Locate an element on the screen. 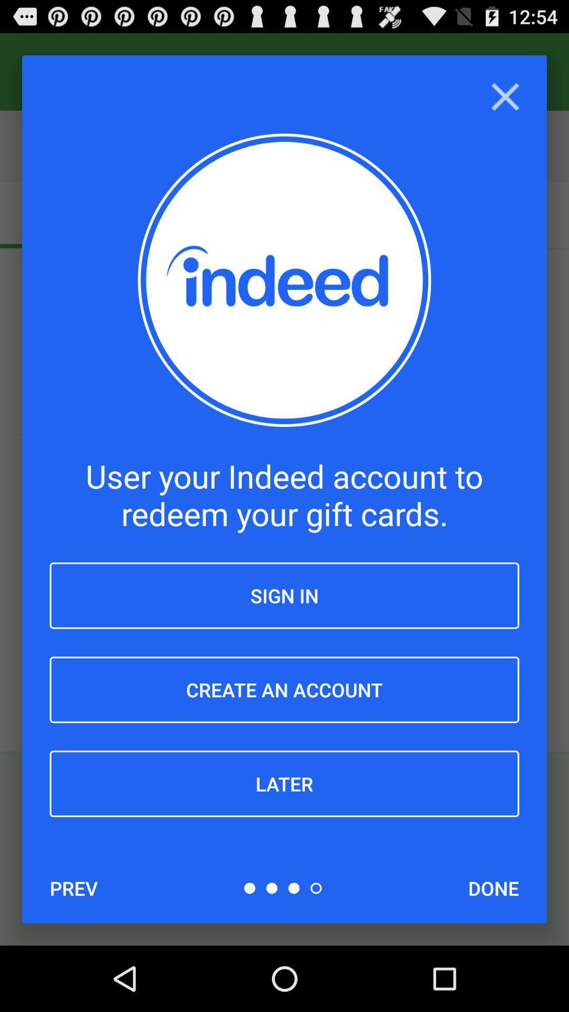 Image resolution: width=569 pixels, height=1012 pixels. close is located at coordinates (505, 96).